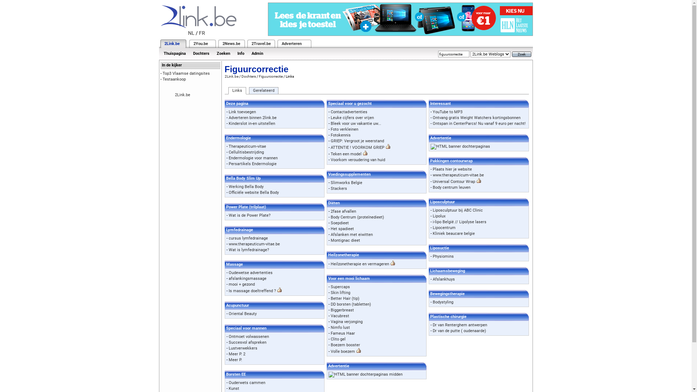  Describe the element at coordinates (477, 117) in the screenshot. I see `'Ontvang gratis Weight Watchers kortingsbonnen'` at that location.